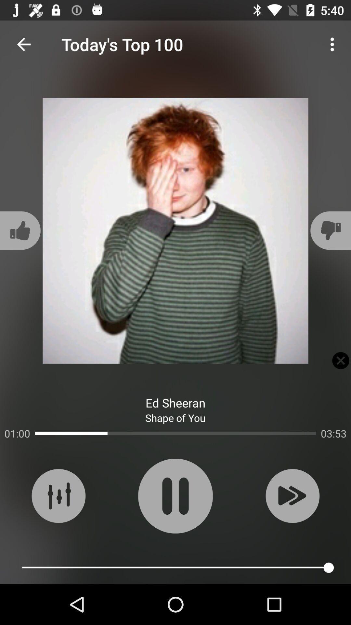  What do you see at coordinates (340, 360) in the screenshot?
I see `the close icon` at bounding box center [340, 360].